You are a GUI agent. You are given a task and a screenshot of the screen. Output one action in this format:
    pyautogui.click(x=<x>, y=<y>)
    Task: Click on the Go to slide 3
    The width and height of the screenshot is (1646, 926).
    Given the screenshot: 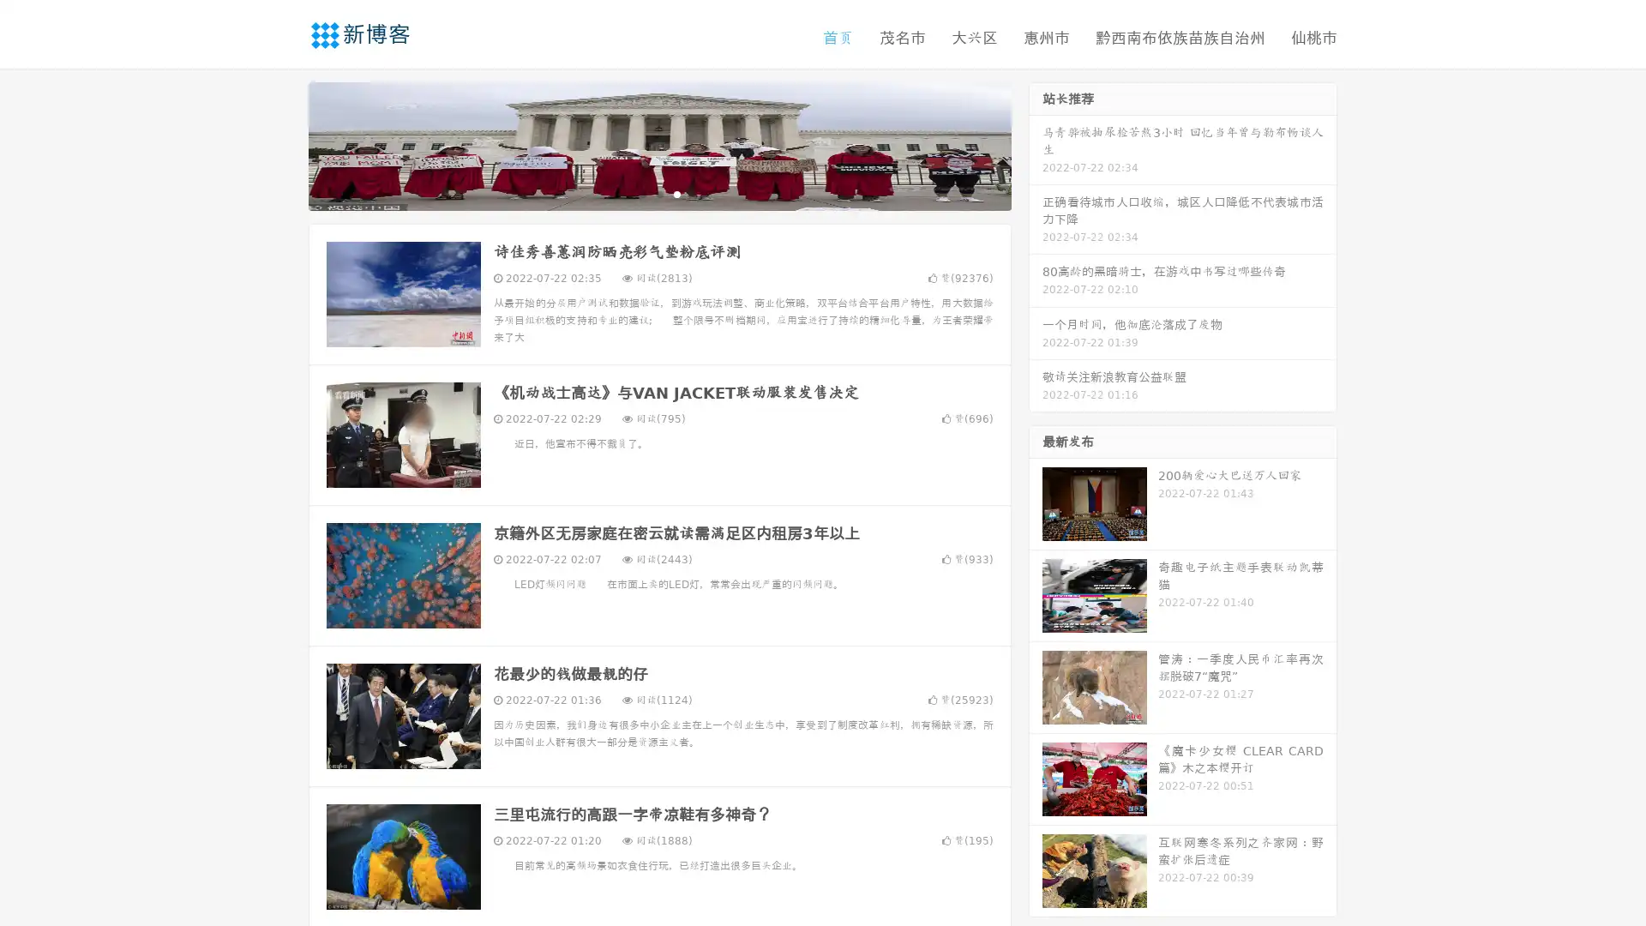 What is the action you would take?
    pyautogui.click(x=676, y=193)
    